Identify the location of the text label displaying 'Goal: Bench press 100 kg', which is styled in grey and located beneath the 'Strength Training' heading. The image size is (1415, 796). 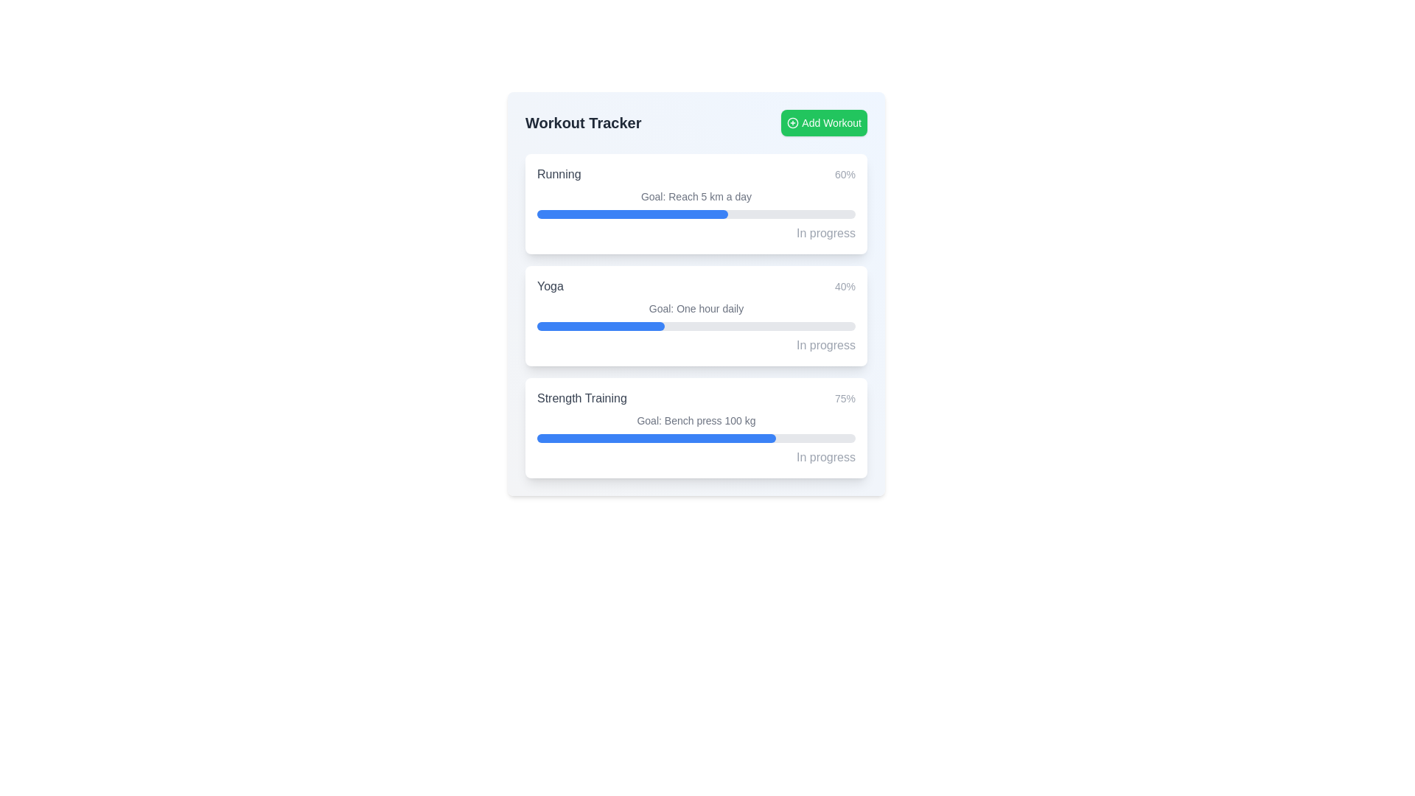
(696, 420).